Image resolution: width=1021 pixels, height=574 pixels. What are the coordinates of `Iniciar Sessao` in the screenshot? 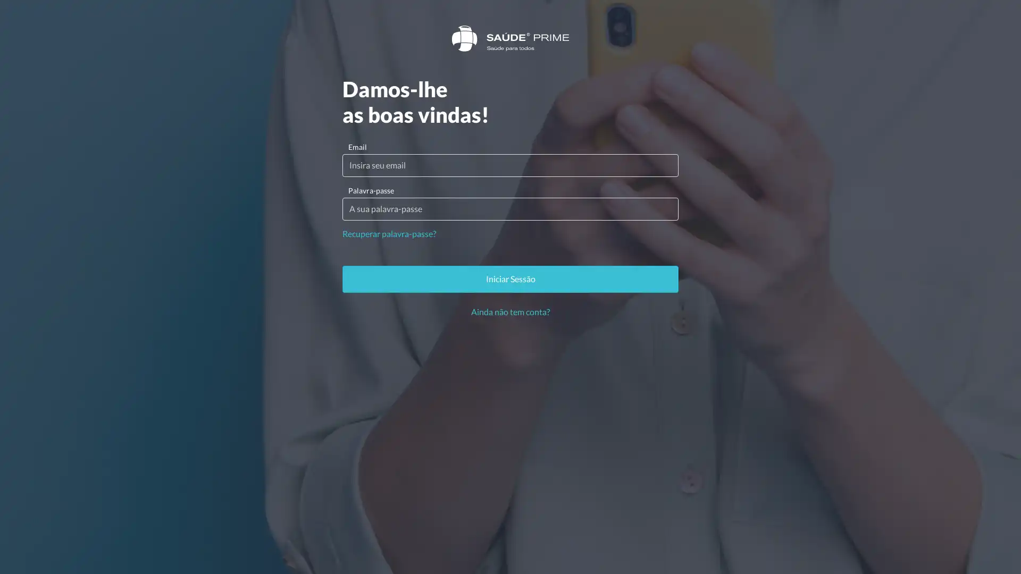 It's located at (510, 278).